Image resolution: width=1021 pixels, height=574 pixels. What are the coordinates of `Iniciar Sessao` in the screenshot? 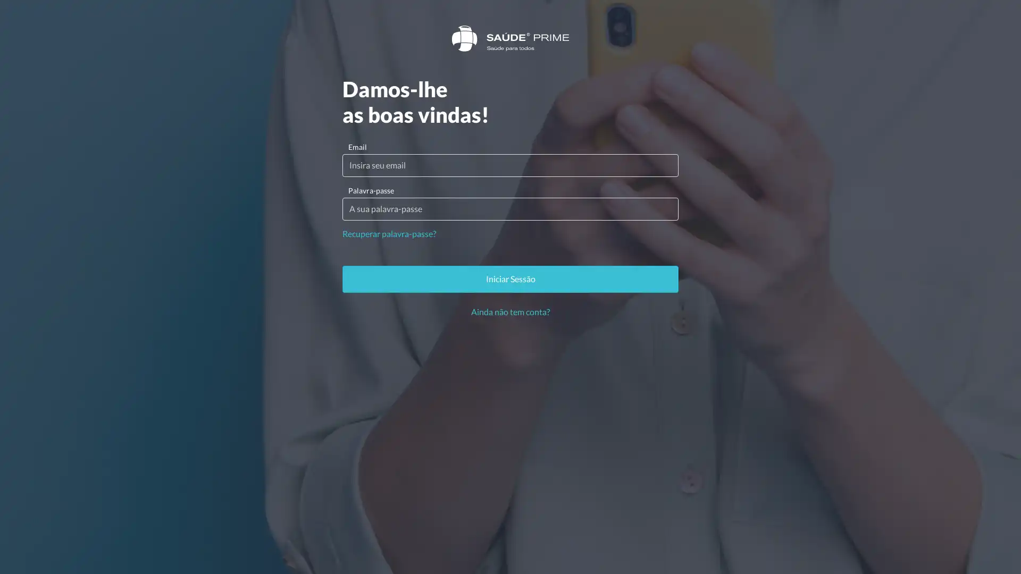 It's located at (510, 278).